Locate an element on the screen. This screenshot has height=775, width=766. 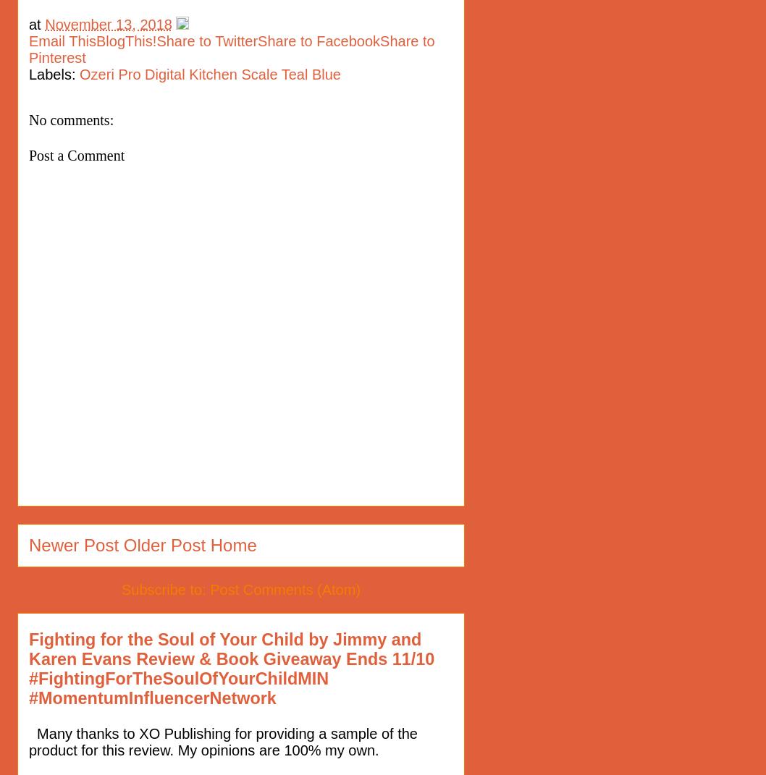
'November 13, 2018' is located at coordinates (107, 22).